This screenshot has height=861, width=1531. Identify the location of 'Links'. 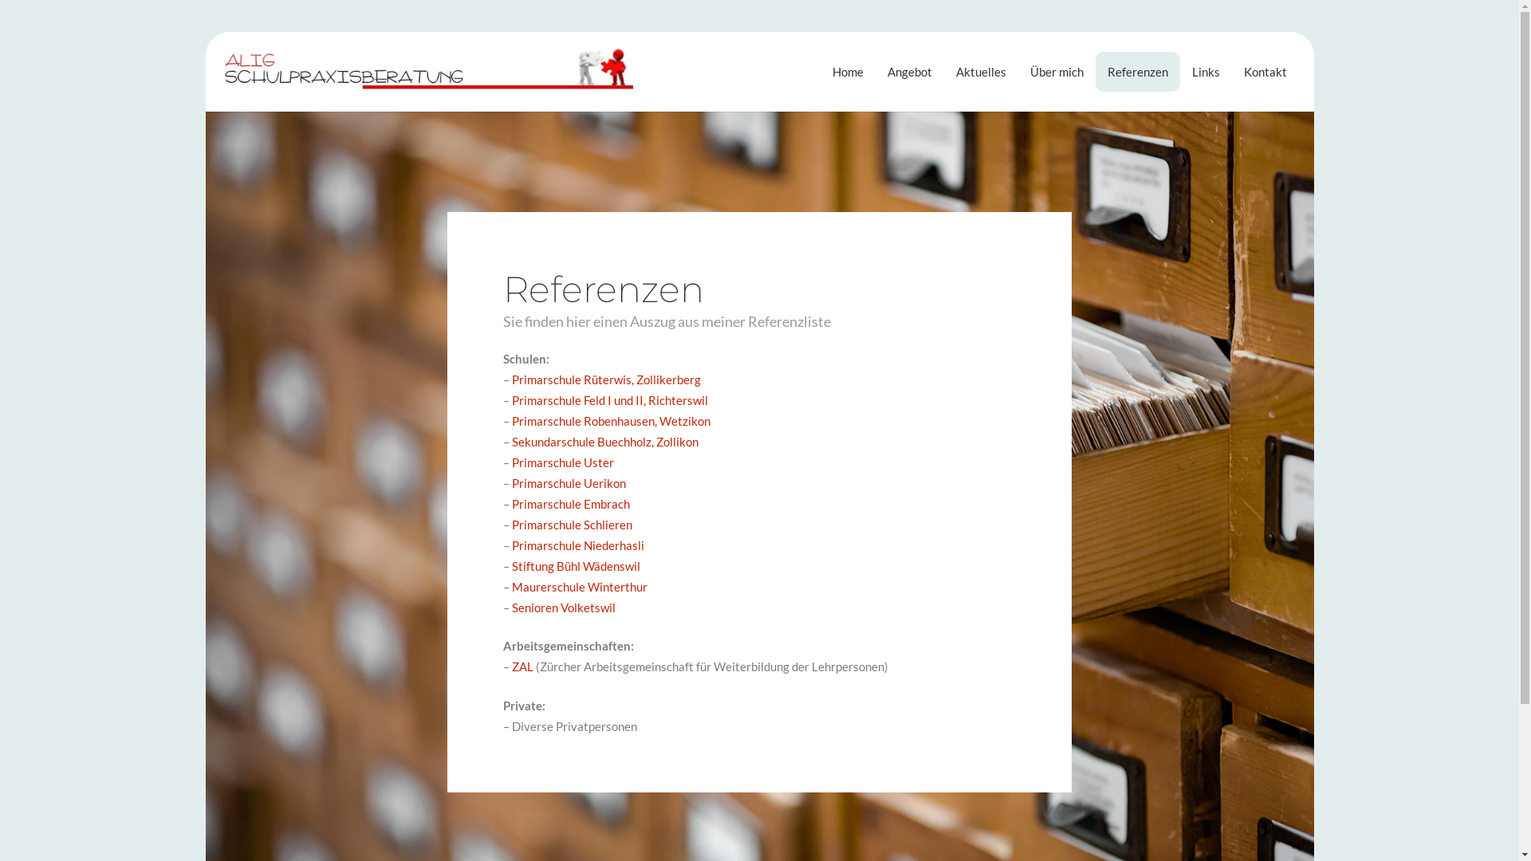
(1206, 70).